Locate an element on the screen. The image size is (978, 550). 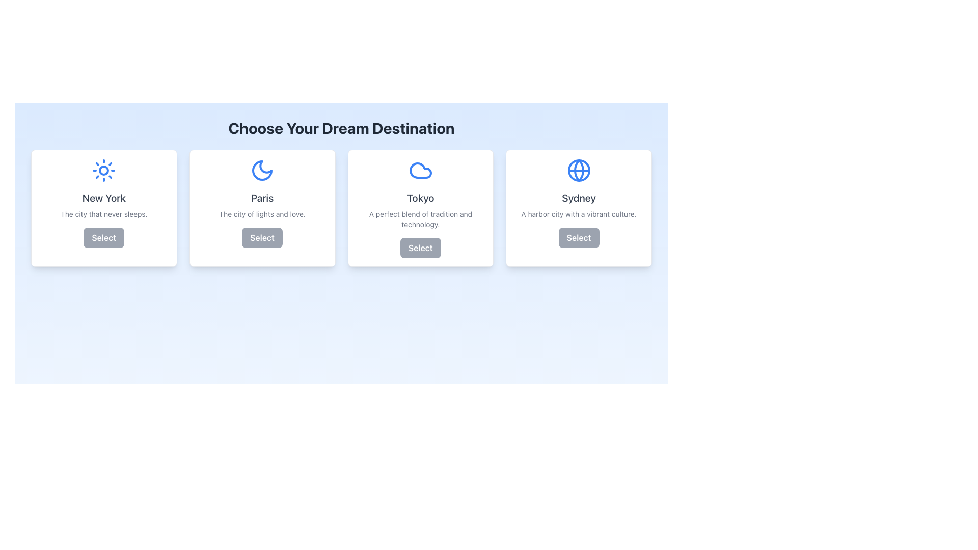
the 'Select' button with a gray background located at the bottom of the 'Sydney' card is located at coordinates (579, 237).